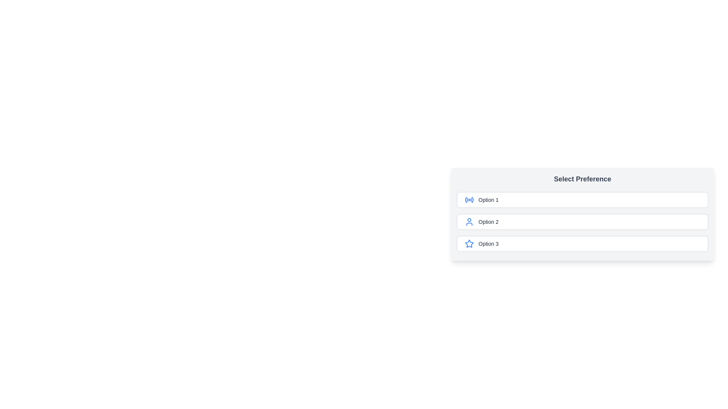  What do you see at coordinates (582, 222) in the screenshot?
I see `one of the selectable options in the 'Select Preference' section` at bounding box center [582, 222].